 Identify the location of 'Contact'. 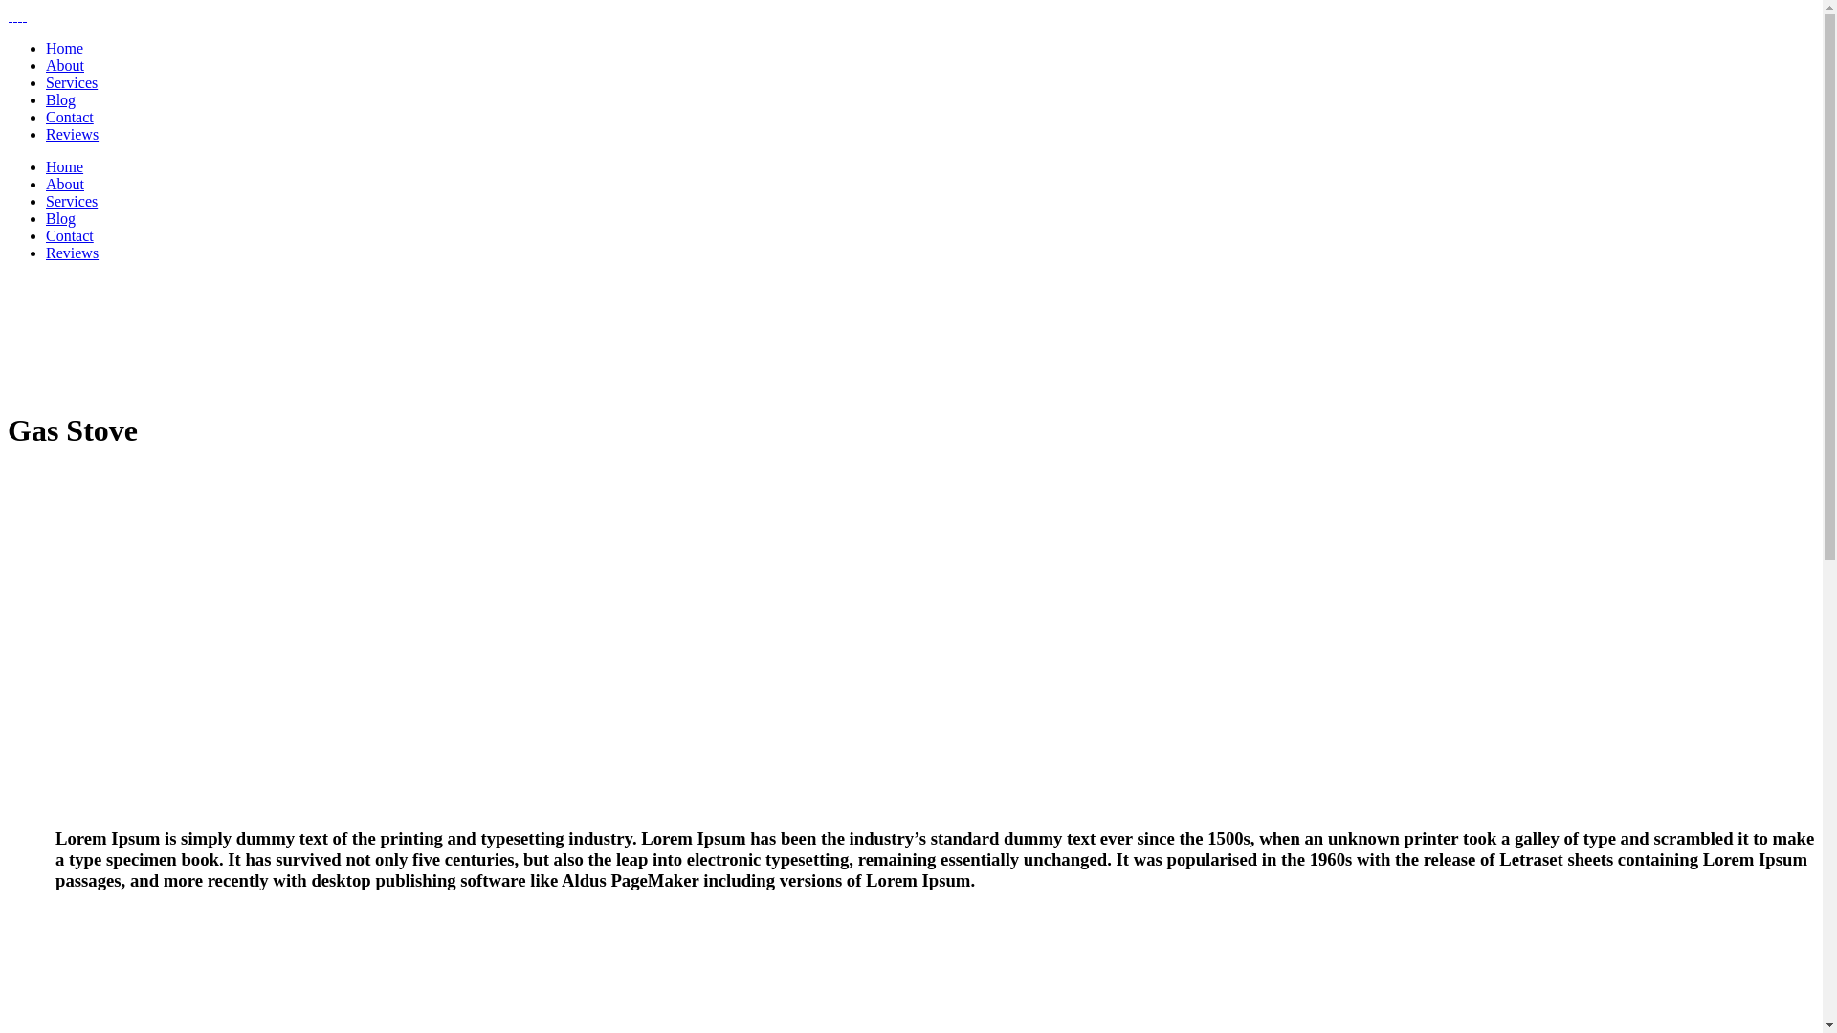
(69, 234).